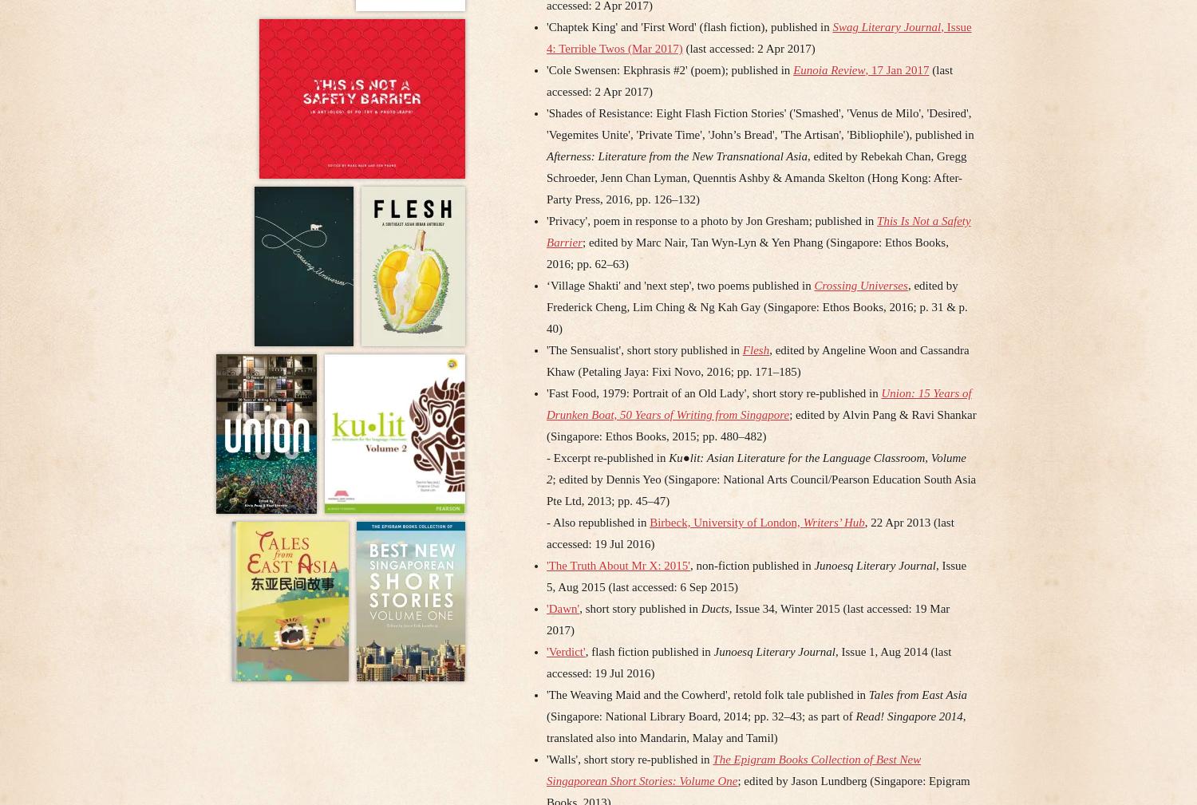 The image size is (1197, 805). What do you see at coordinates (760, 490) in the screenshot?
I see `'; edited by Dennis Yeo (Singapore: National Arts Council/Pearson Education South Asia Pte Ltd, 2013; pp. 45–47)'` at bounding box center [760, 490].